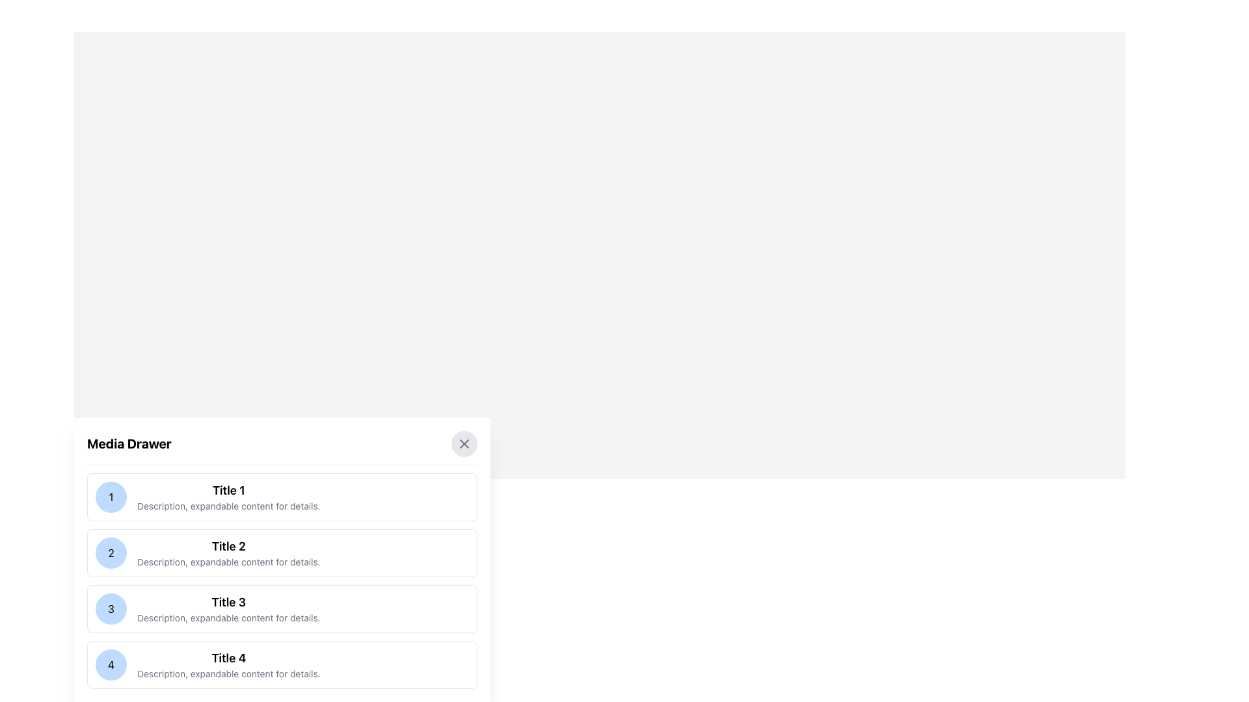 The width and height of the screenshot is (1249, 702). Describe the element at coordinates (129, 443) in the screenshot. I see `the text label 'Media Drawer' which is styled in bold font and positioned at the top left corner of its section, just above the dividing line` at that location.